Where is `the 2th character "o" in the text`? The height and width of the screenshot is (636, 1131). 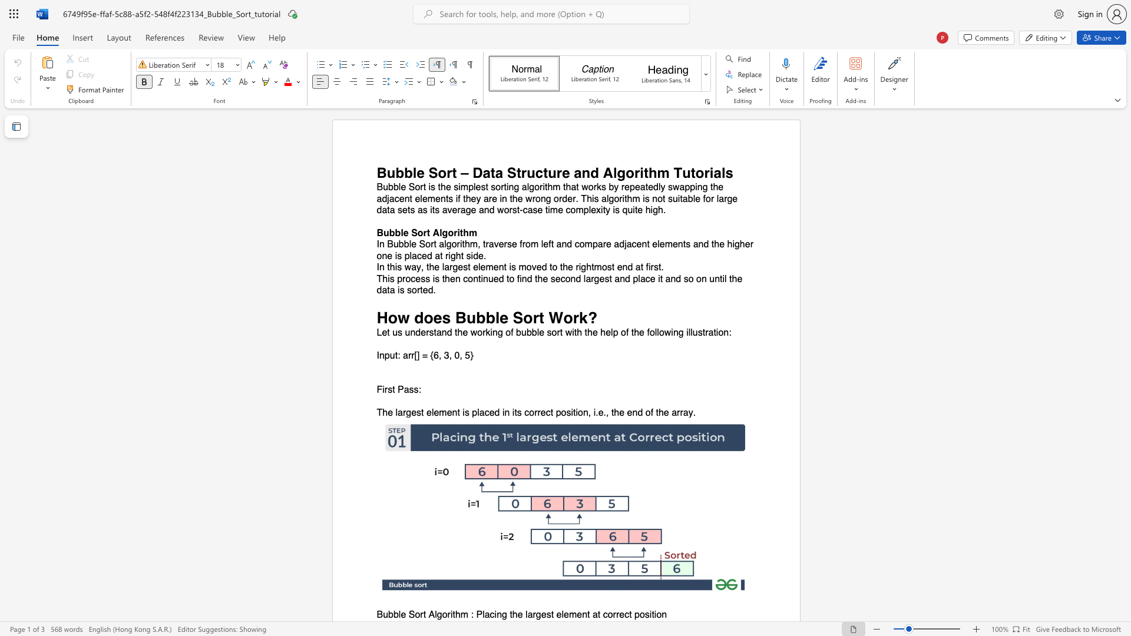
the 2th character "o" in the text is located at coordinates (629, 173).